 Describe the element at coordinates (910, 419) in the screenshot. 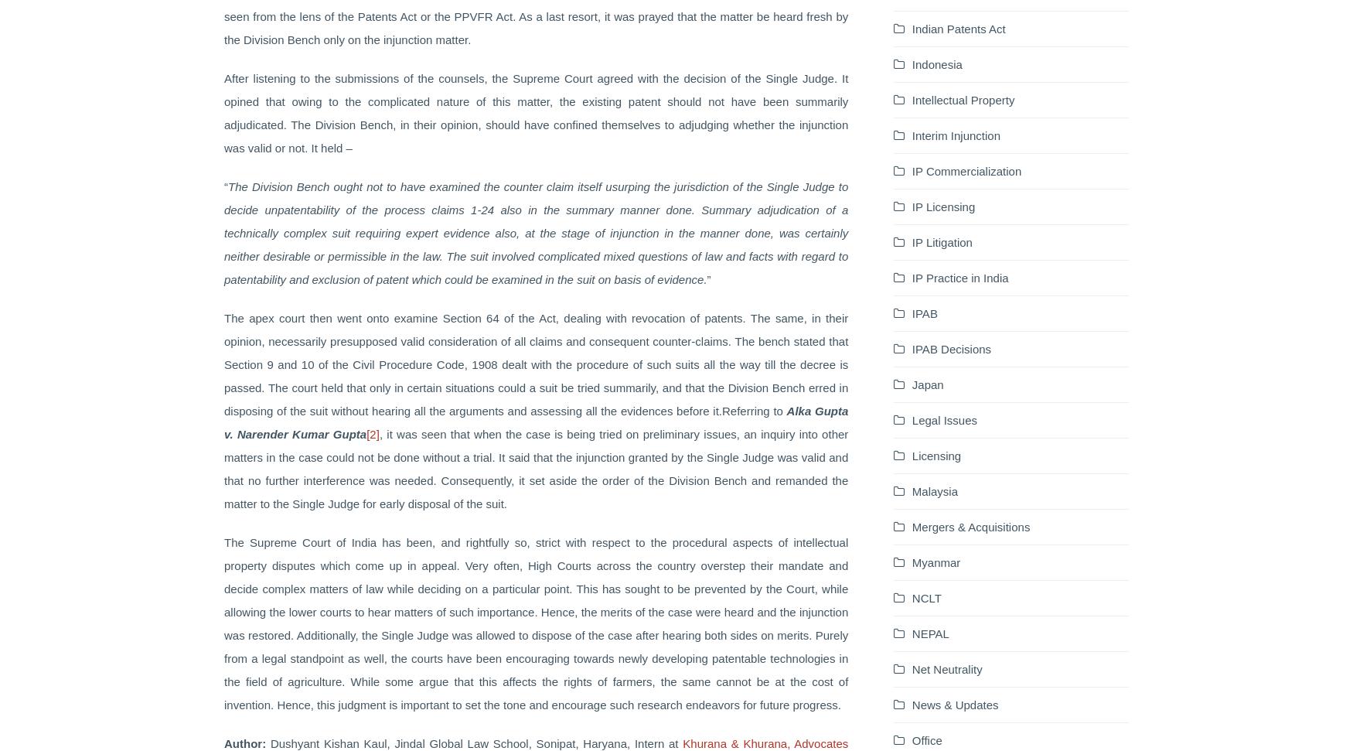

I see `'Legal Issues'` at that location.